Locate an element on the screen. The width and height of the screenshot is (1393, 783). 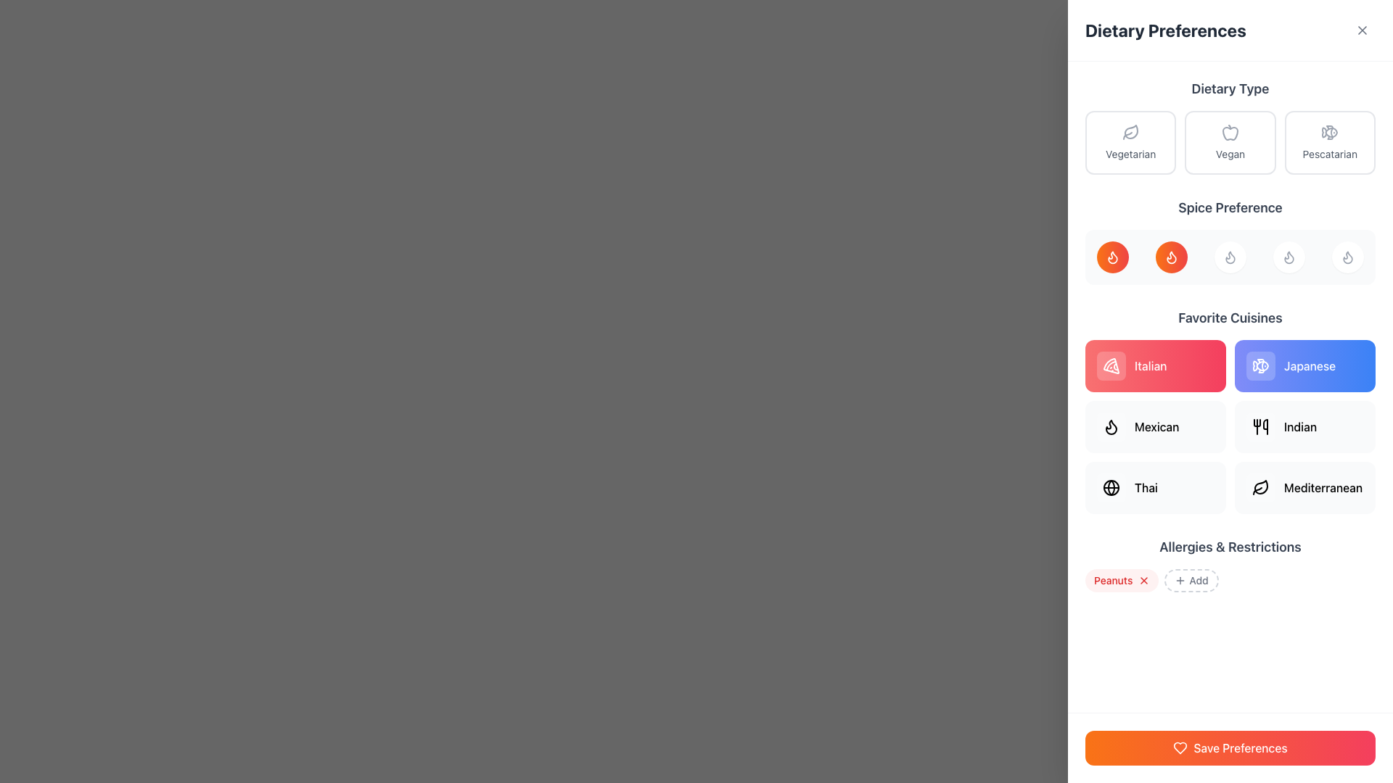
the Japanese cuisine icon located in the 'Favorite Cuisines' section of the dietary preferences selection modal, positioned towards the top right corner of the interface is located at coordinates (1260, 365).